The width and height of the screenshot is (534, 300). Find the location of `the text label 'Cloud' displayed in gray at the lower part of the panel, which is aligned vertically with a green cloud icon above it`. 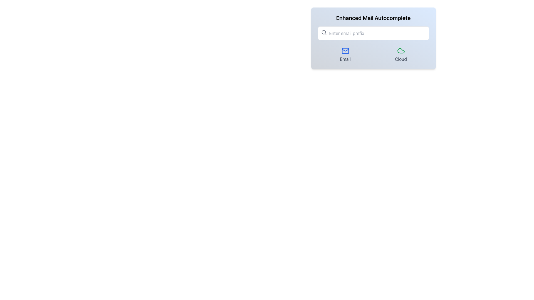

the text label 'Cloud' displayed in gray at the lower part of the panel, which is aligned vertically with a green cloud icon above it is located at coordinates (401, 59).